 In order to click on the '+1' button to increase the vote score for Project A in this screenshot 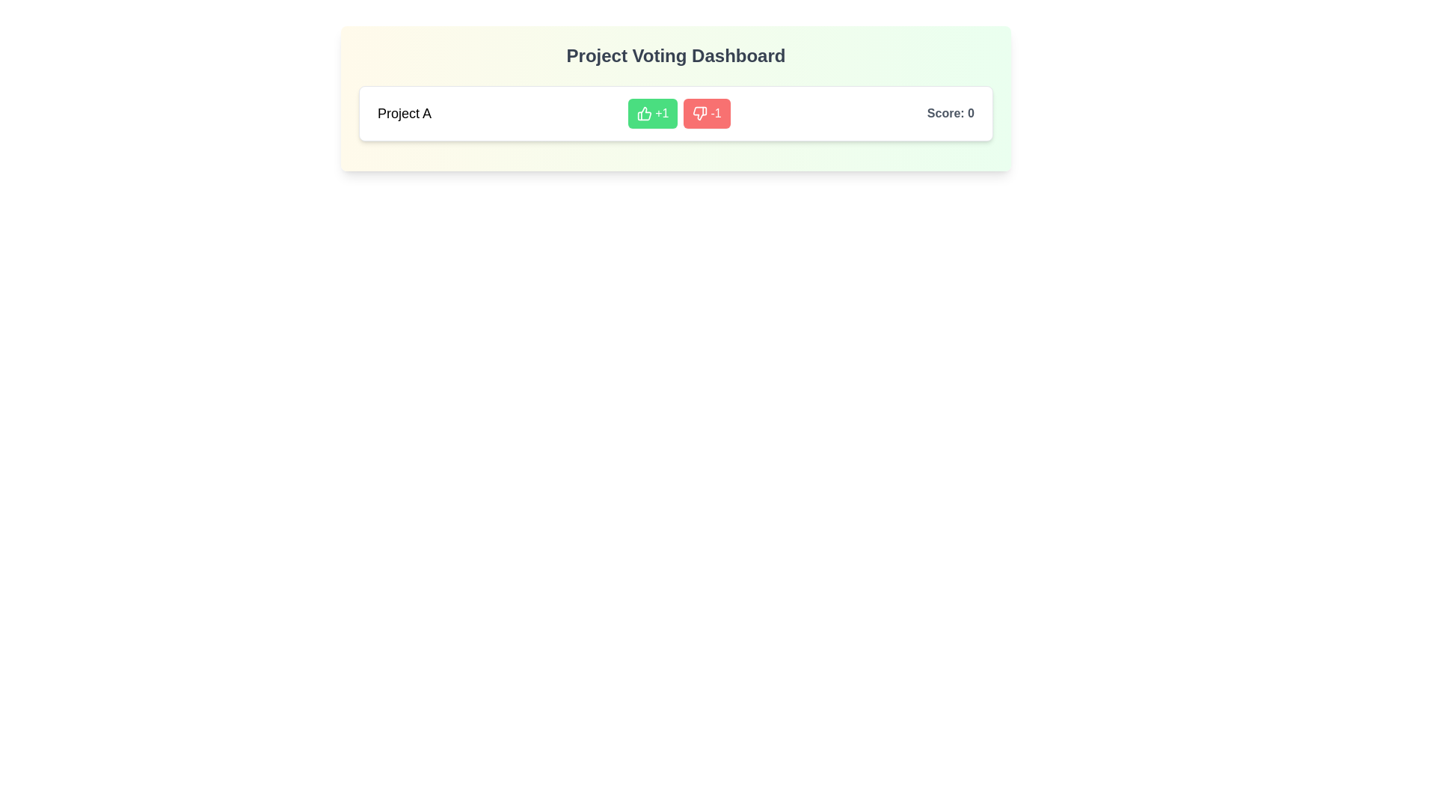, I will do `click(653, 112)`.